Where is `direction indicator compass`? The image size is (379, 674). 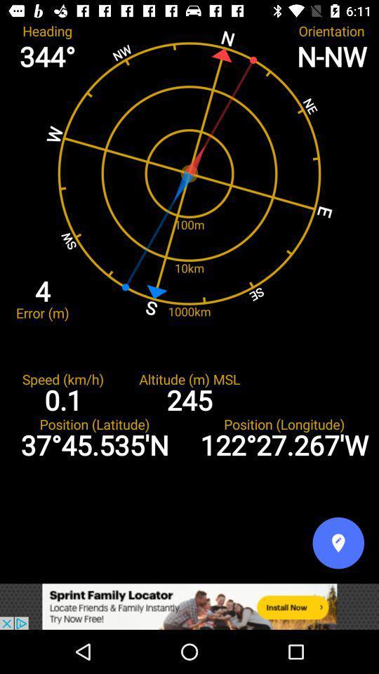 direction indicator compass is located at coordinates (338, 542).